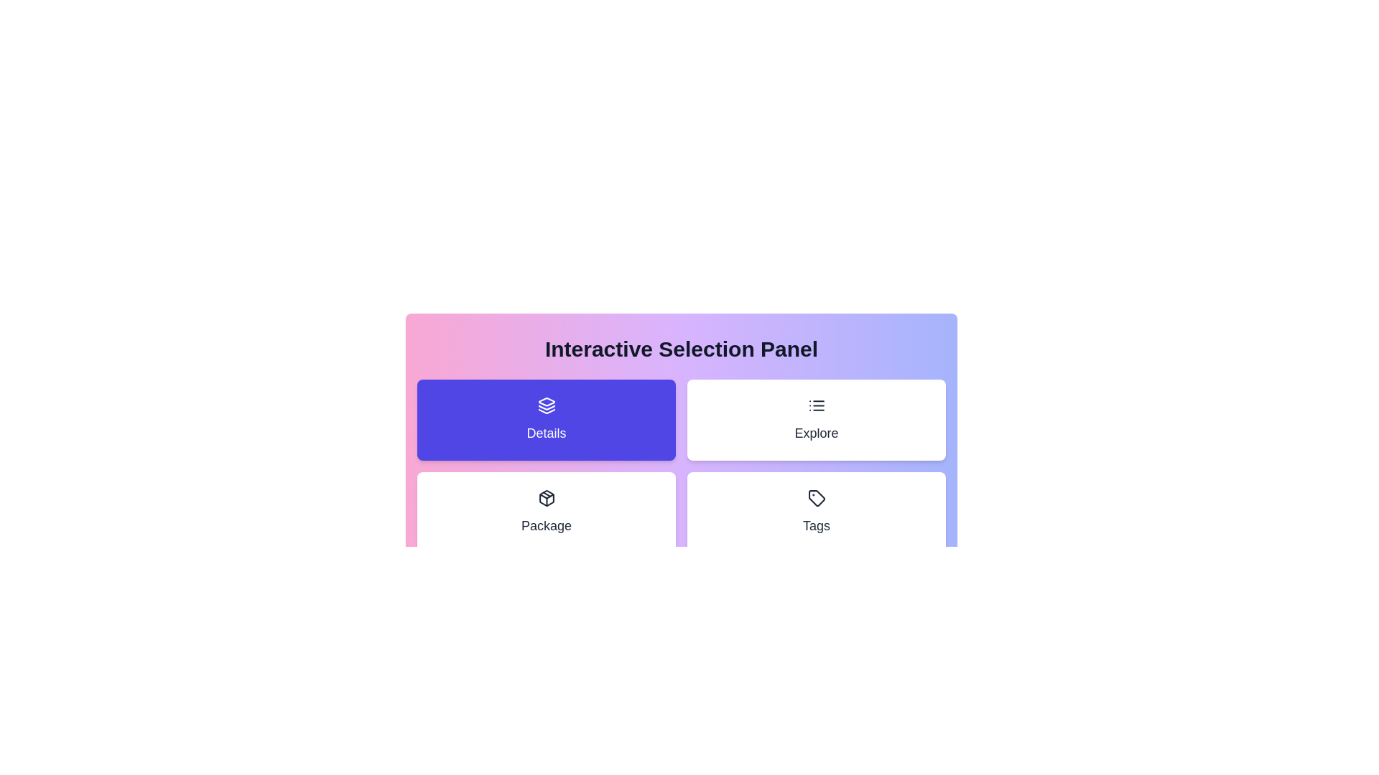  Describe the element at coordinates (546, 497) in the screenshot. I see `the 'Package' button icon located at the bottom left of the 2x2 button grid` at that location.